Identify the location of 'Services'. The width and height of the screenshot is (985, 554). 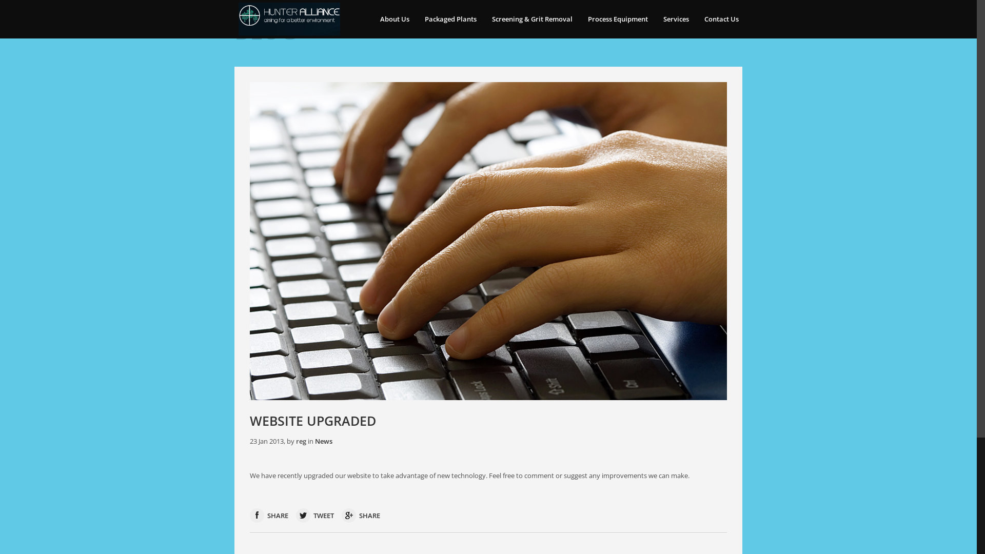
(676, 19).